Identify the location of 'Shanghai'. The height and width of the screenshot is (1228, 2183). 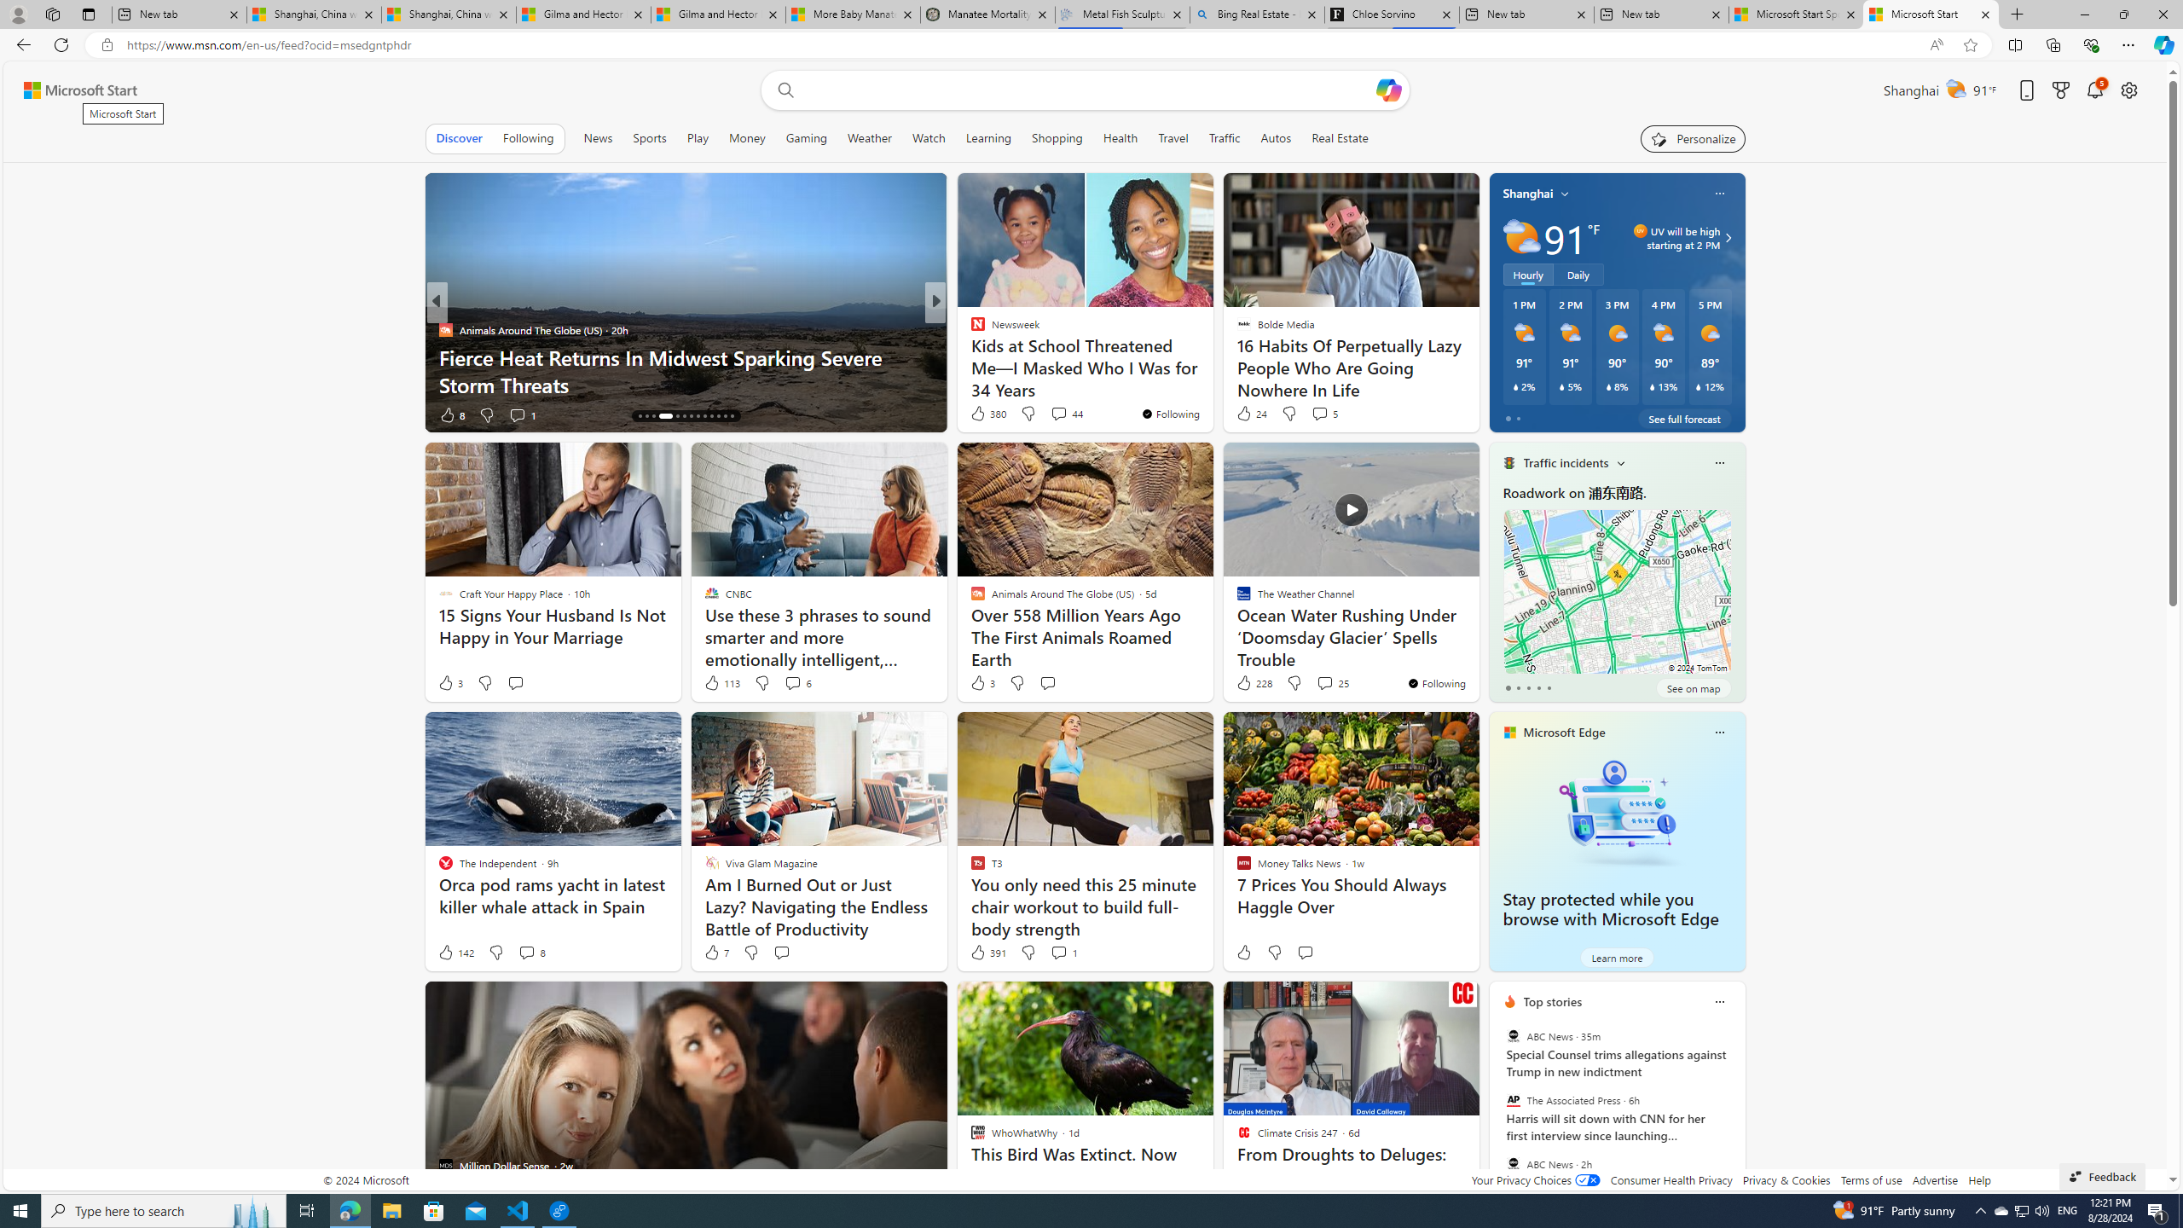
(1527, 192).